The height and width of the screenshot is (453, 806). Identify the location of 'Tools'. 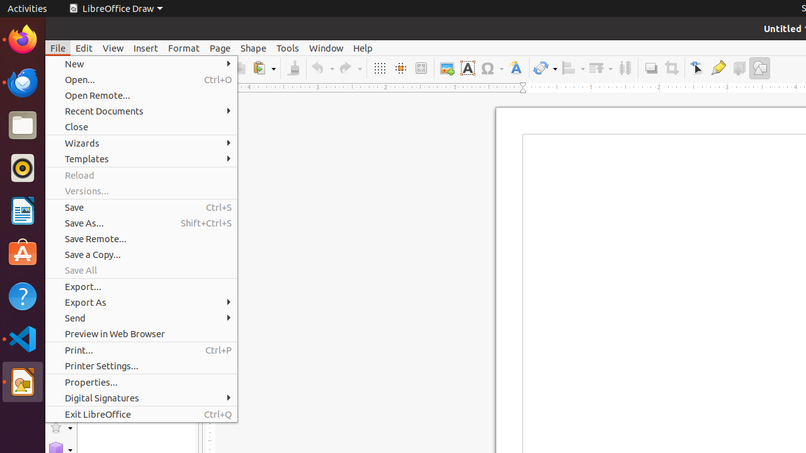
(287, 47).